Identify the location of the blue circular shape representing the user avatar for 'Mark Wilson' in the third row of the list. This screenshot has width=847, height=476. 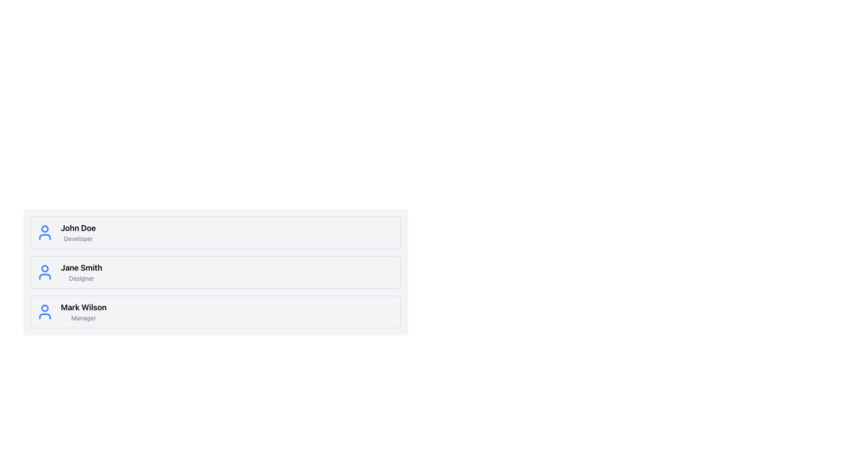
(44, 307).